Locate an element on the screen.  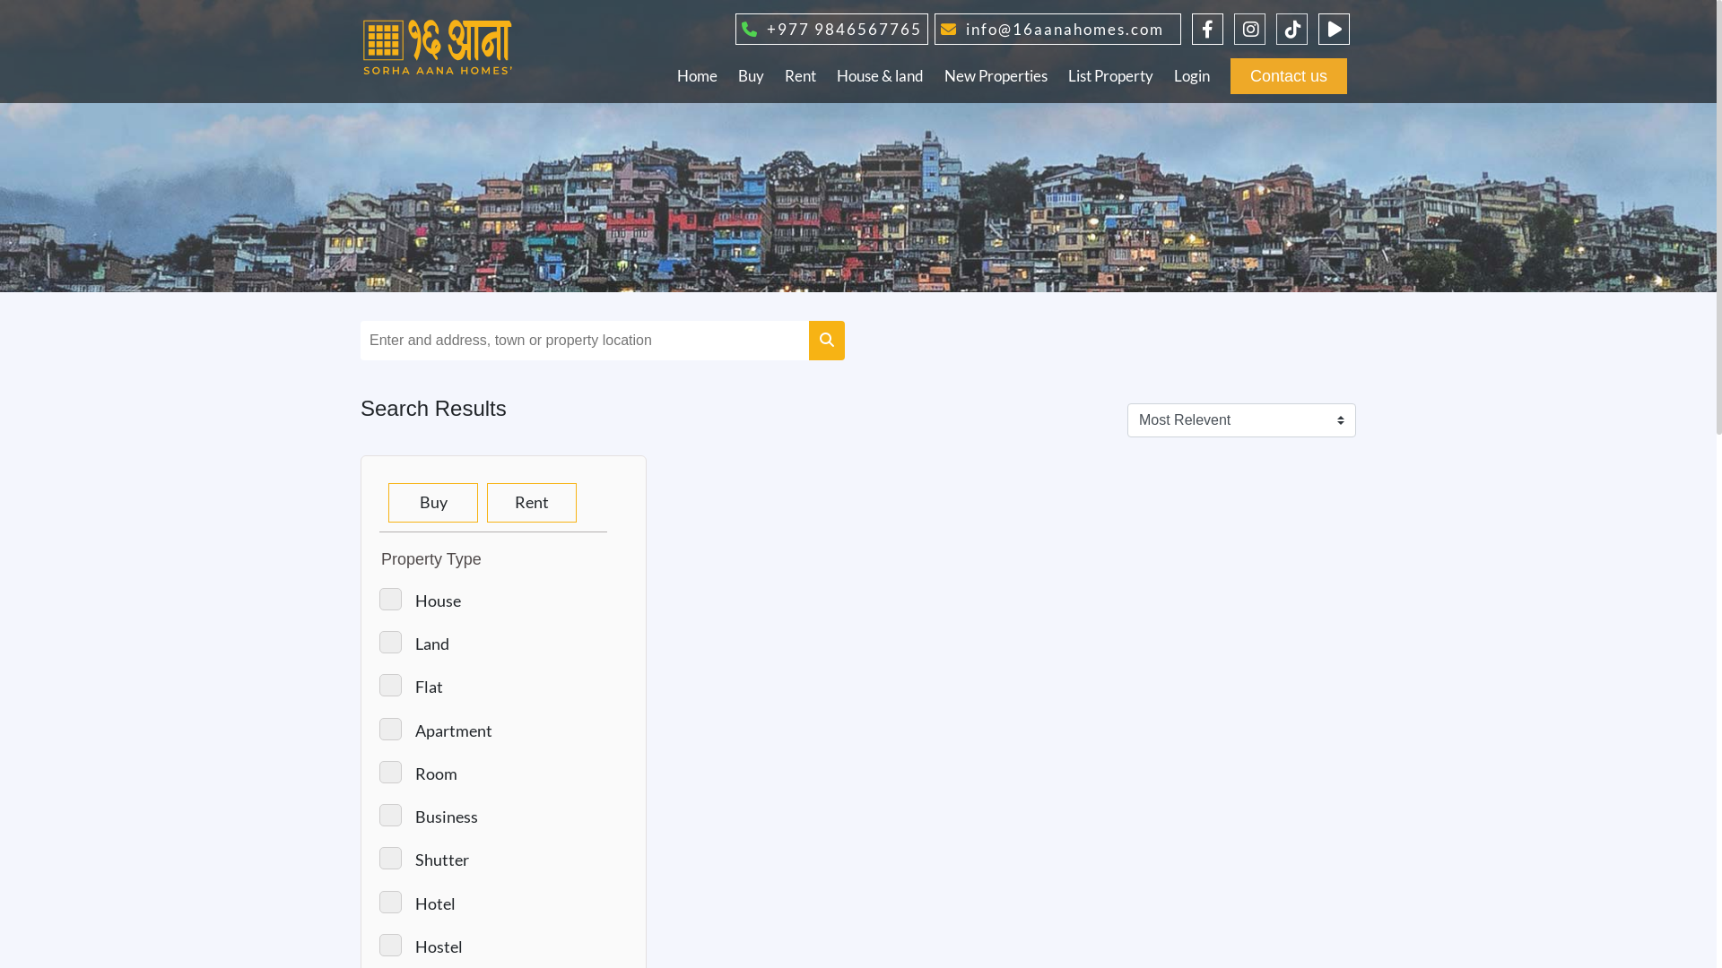
'Home' is located at coordinates (696, 74).